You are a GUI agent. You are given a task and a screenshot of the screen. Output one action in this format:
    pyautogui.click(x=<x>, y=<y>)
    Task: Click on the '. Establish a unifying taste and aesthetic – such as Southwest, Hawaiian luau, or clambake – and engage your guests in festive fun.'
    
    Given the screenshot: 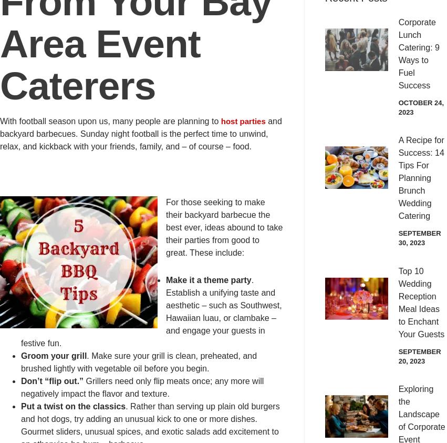 What is the action you would take?
    pyautogui.click(x=151, y=311)
    